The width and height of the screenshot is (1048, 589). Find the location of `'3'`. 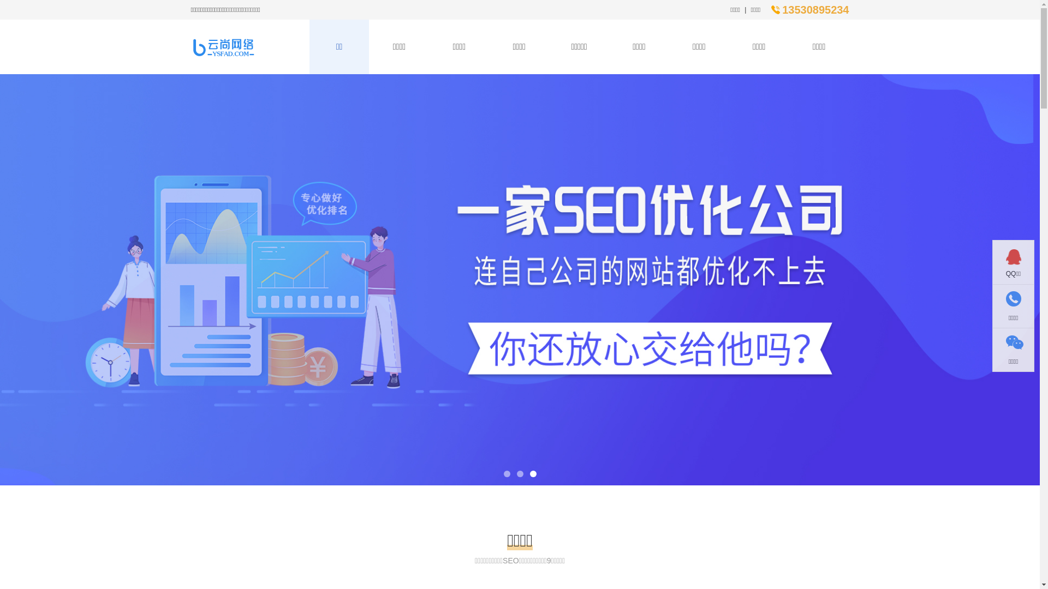

'3' is located at coordinates (532, 473).